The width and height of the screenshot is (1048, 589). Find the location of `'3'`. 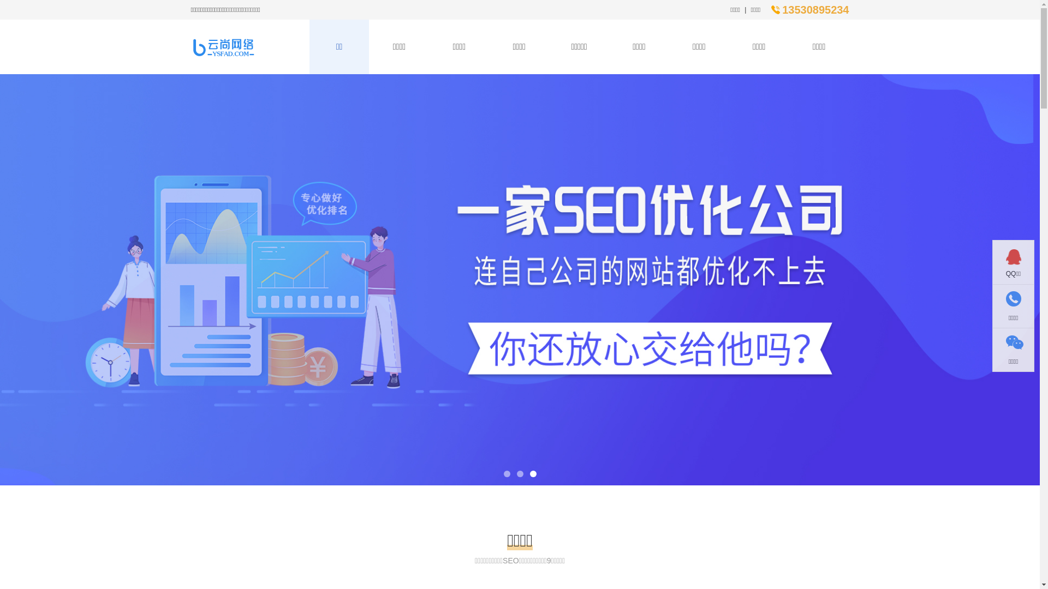

'3' is located at coordinates (532, 473).